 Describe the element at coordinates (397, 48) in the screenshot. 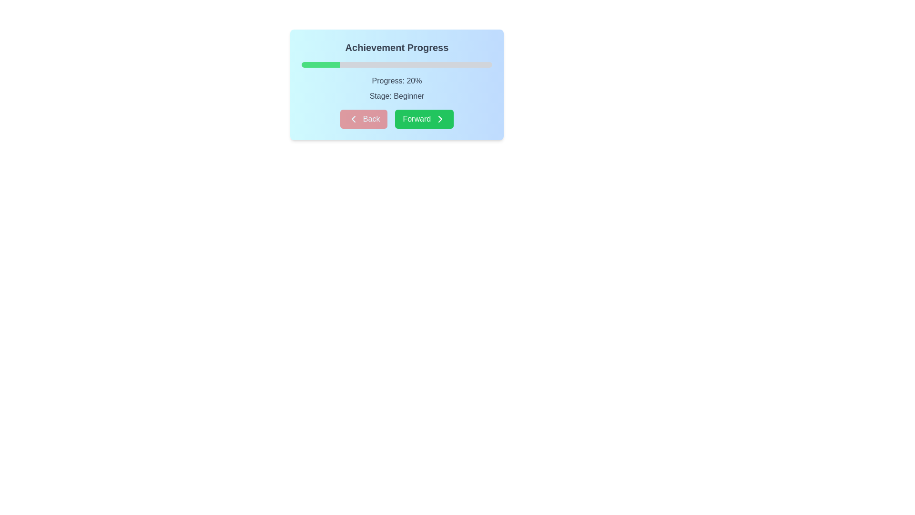

I see `the 'Achievement Progress' label, which is a bold, gray text label centered at the top of a blue gradient card, positioned above the progress bar and navigation buttons` at that location.